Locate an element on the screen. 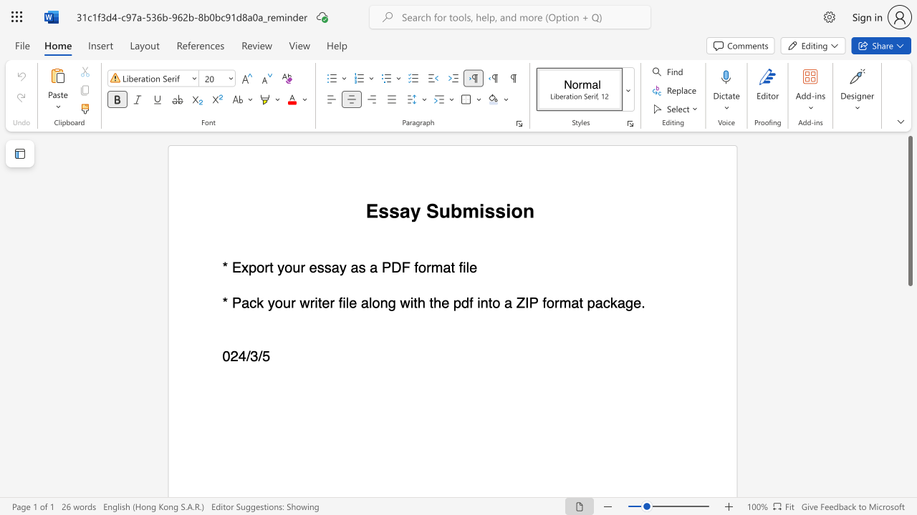 The image size is (917, 515). the 1th character "a" in the text is located at coordinates (373, 268).